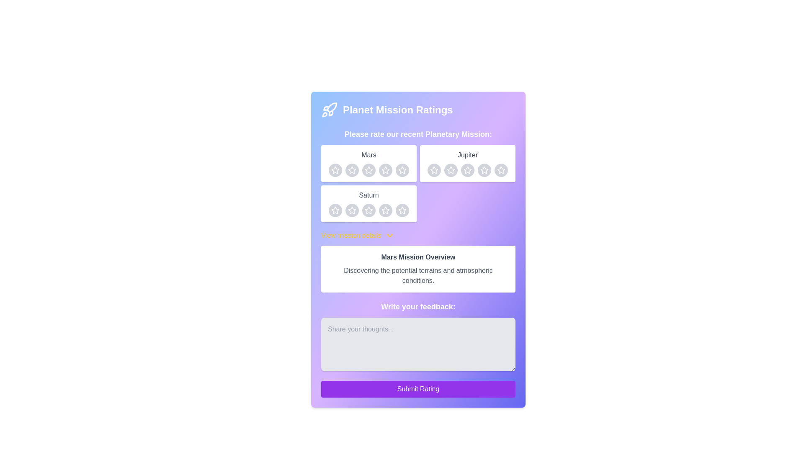  I want to click on the static text label that identifies the current rating card as pertaining to 'Saturn', located centrally in the middle rating card of a 3x3 grid, so click(368, 195).